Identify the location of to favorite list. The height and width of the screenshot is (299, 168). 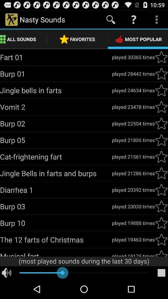
(161, 57).